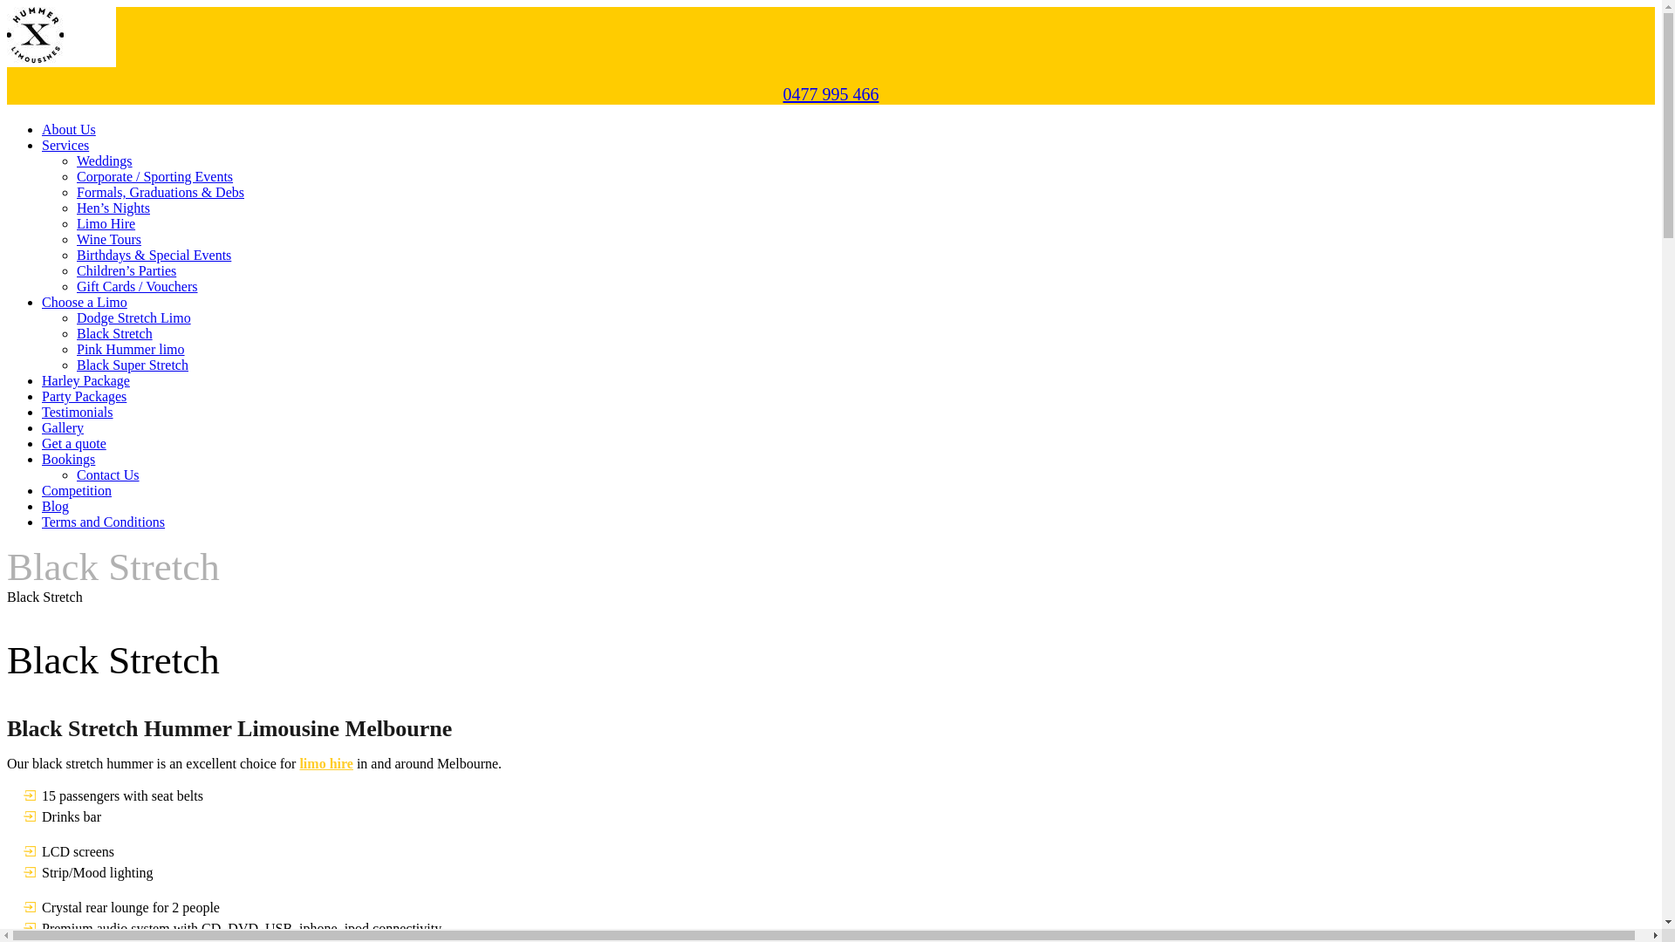 The width and height of the screenshot is (1675, 942). I want to click on 'Harley Package', so click(85, 379).